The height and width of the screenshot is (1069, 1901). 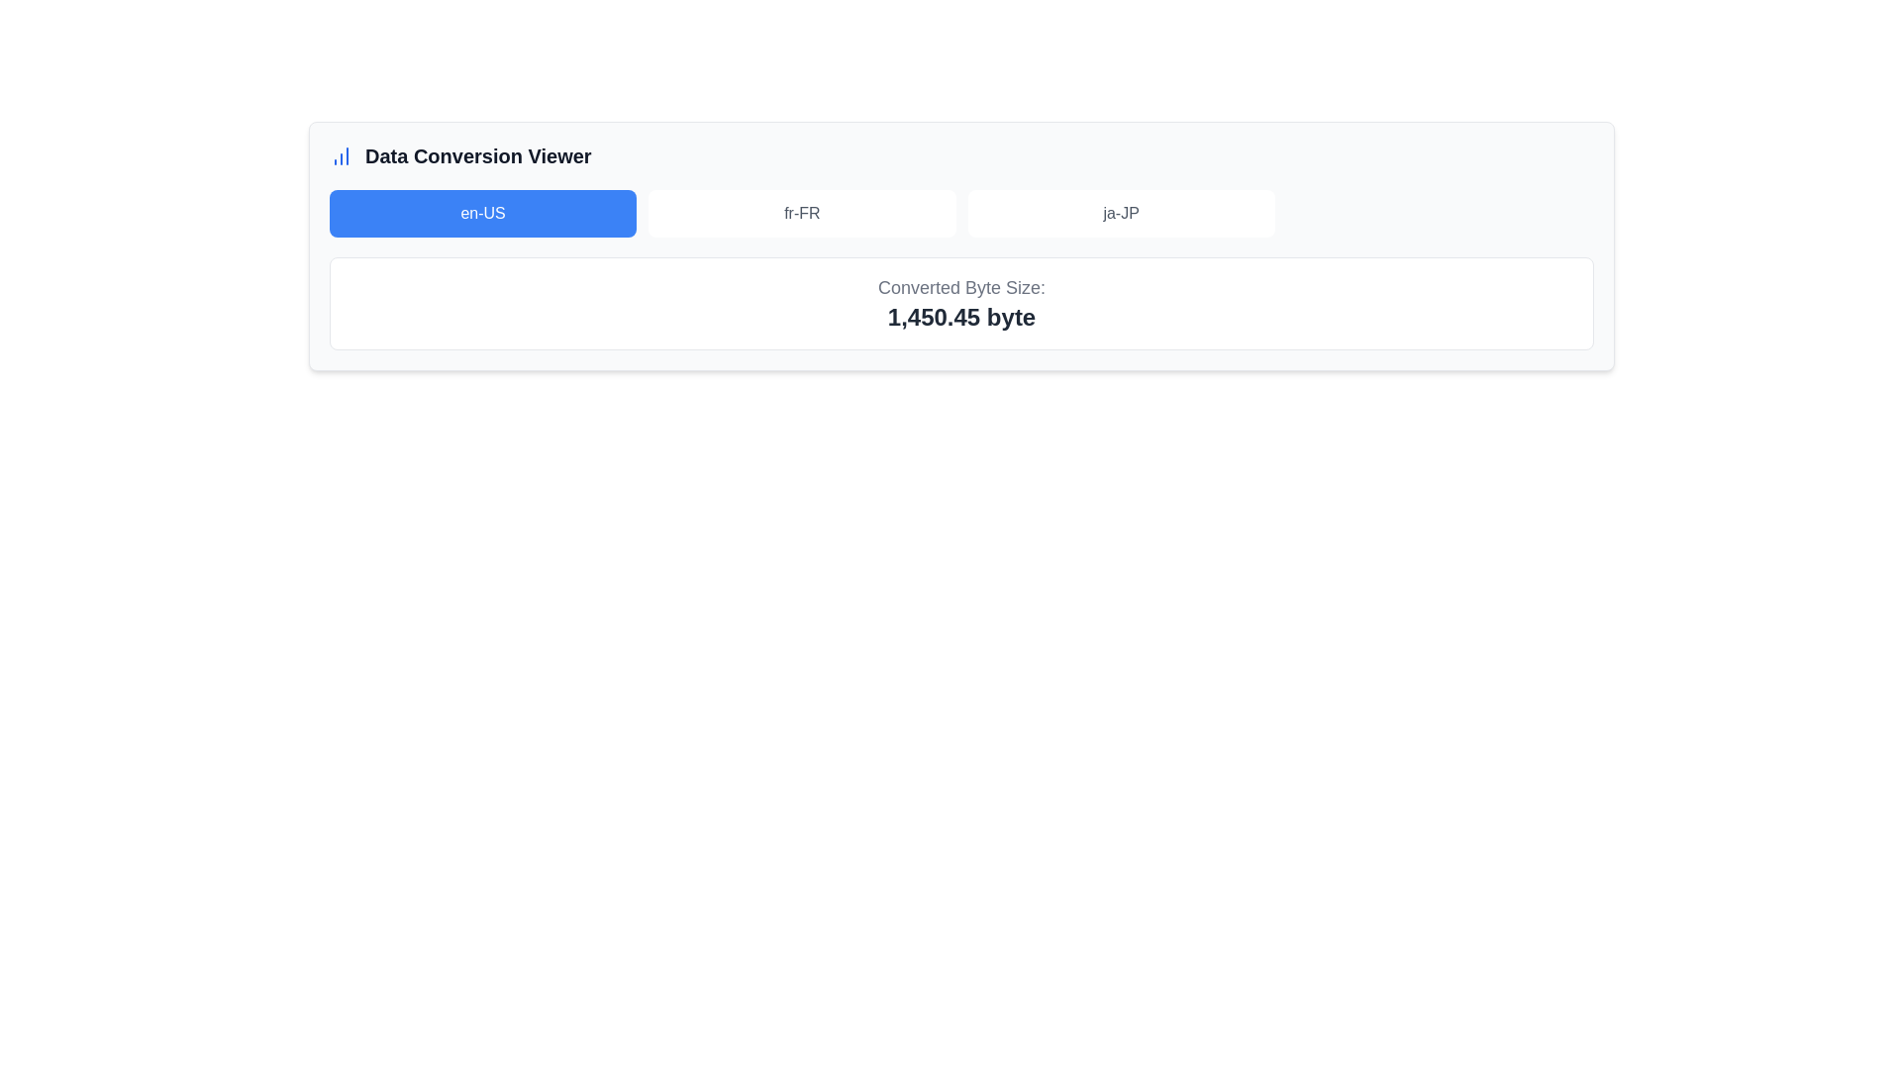 I want to click on the button labeled 'fr-FR' which is the second button in a row of three, to change its styling, so click(x=802, y=214).